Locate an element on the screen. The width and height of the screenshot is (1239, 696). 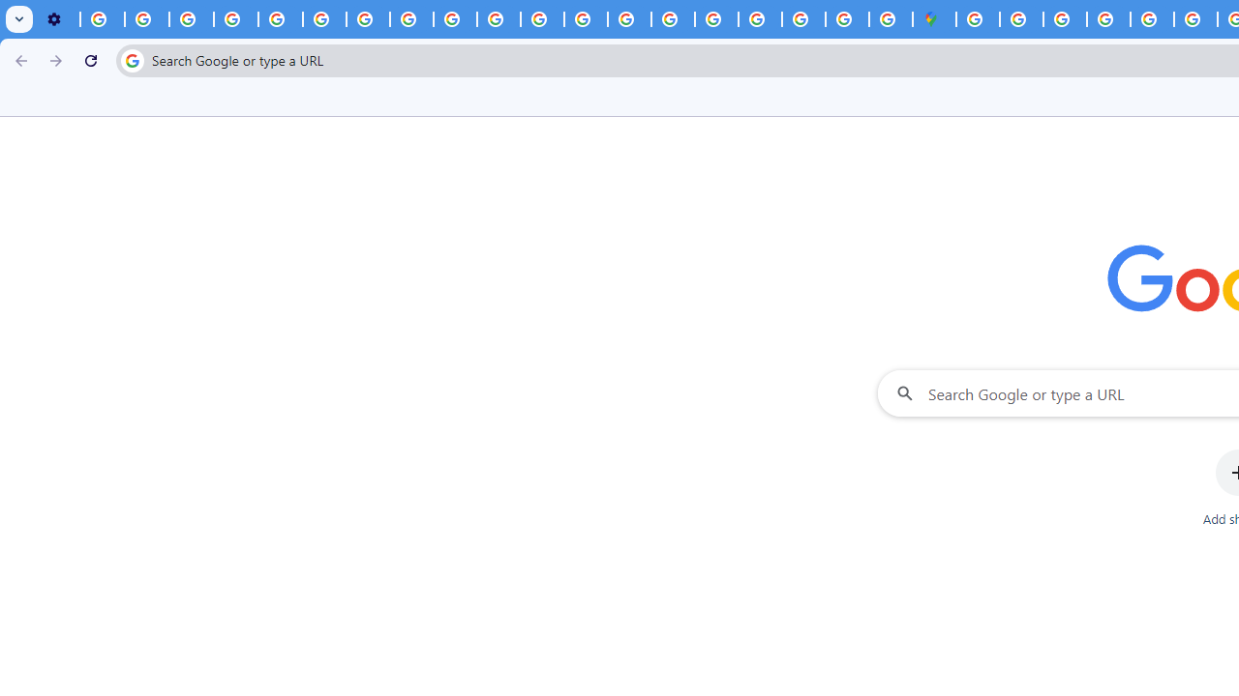
'Settings - Customize profile' is located at coordinates (58, 19).